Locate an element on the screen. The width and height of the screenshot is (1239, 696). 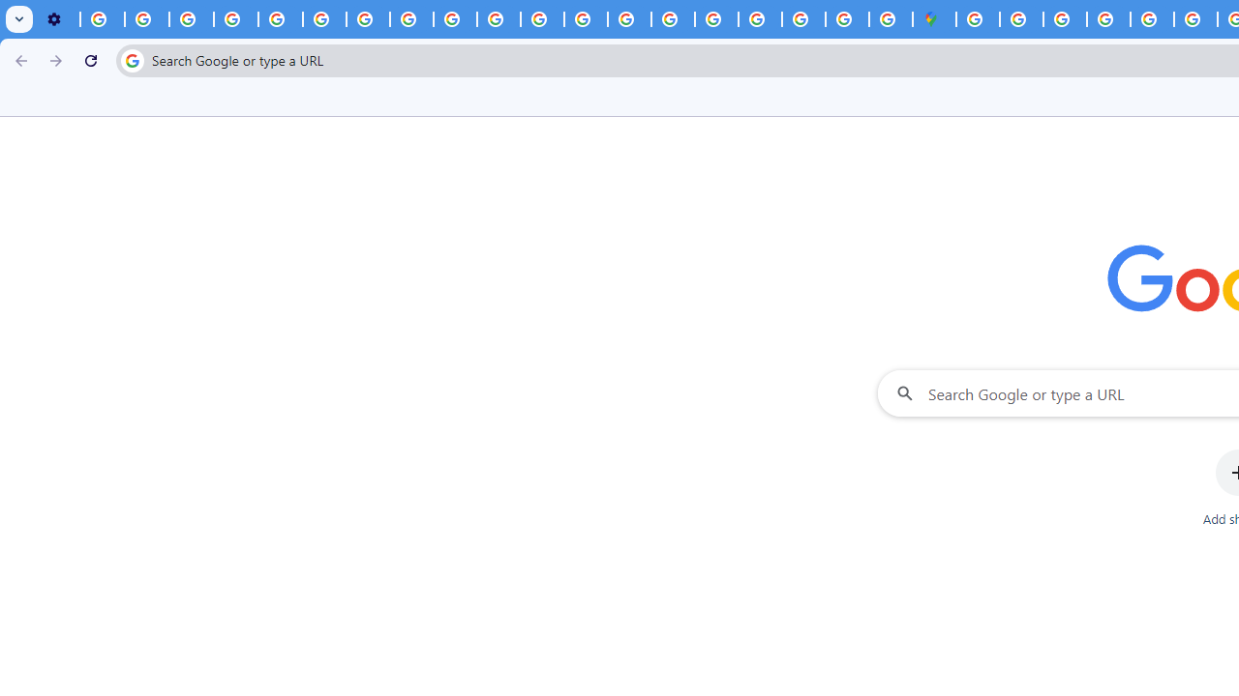
'Settings - Customize profile' is located at coordinates (58, 19).